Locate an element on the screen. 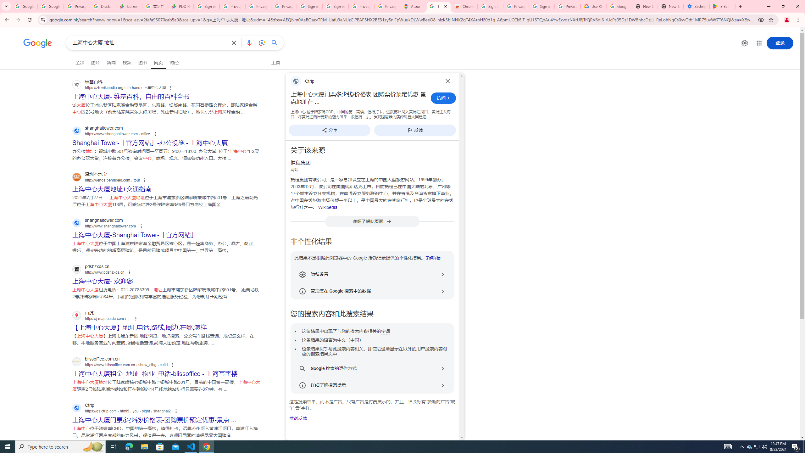  'Privacy Checkup' is located at coordinates (283, 6).